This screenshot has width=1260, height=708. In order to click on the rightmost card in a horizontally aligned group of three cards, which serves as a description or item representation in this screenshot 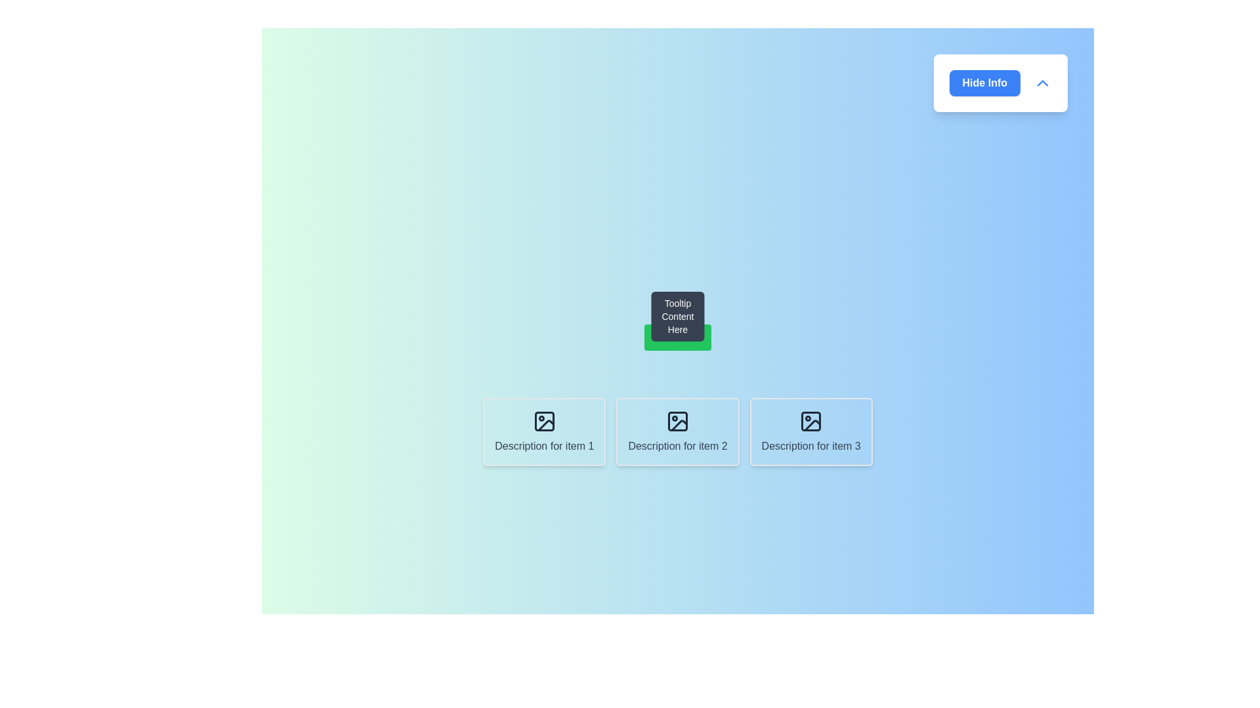, I will do `click(810, 432)`.